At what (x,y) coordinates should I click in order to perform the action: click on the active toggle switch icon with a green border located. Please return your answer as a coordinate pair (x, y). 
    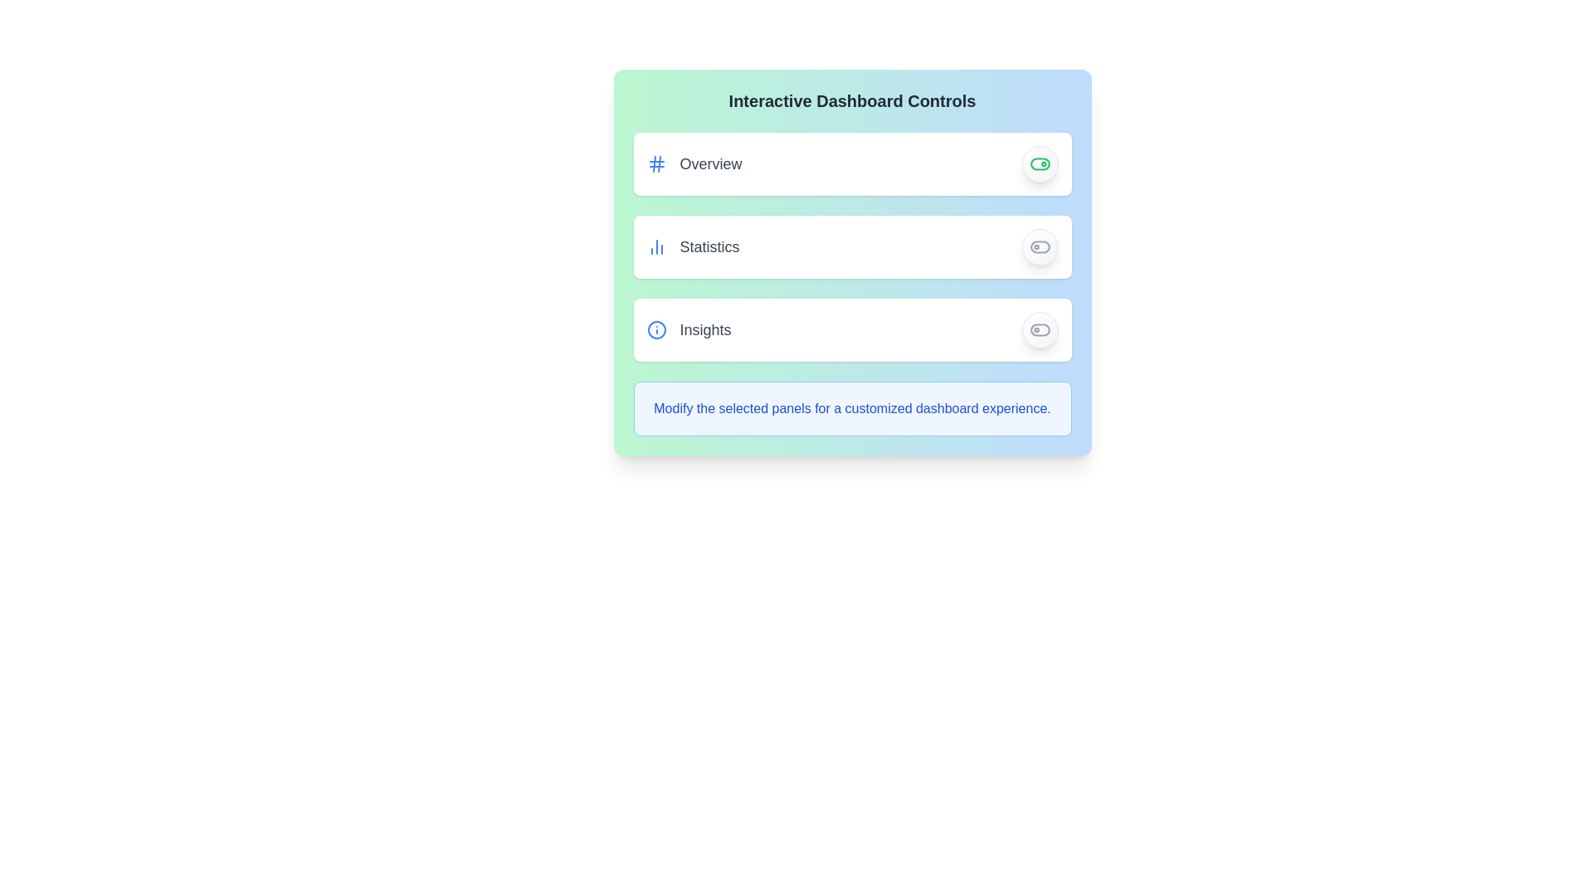
    Looking at the image, I should click on (1039, 163).